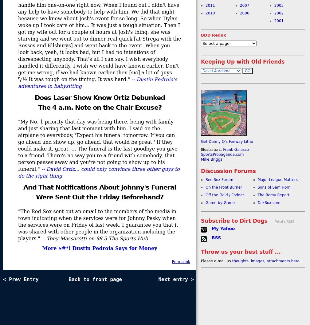 The width and height of the screenshot is (310, 325). I want to click on 'And That Notifications About Johnny's Funeral', so click(99, 187).